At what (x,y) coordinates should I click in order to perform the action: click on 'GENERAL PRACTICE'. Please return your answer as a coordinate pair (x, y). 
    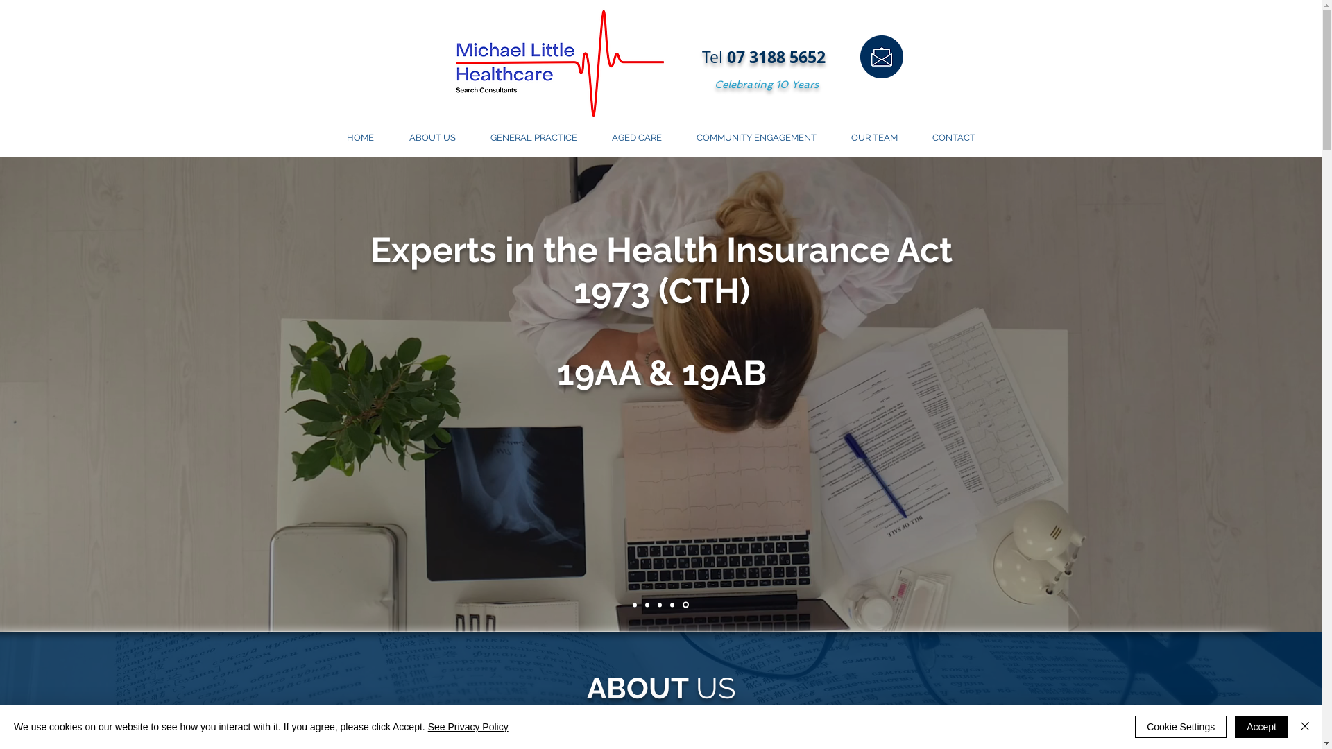
    Looking at the image, I should click on (533, 138).